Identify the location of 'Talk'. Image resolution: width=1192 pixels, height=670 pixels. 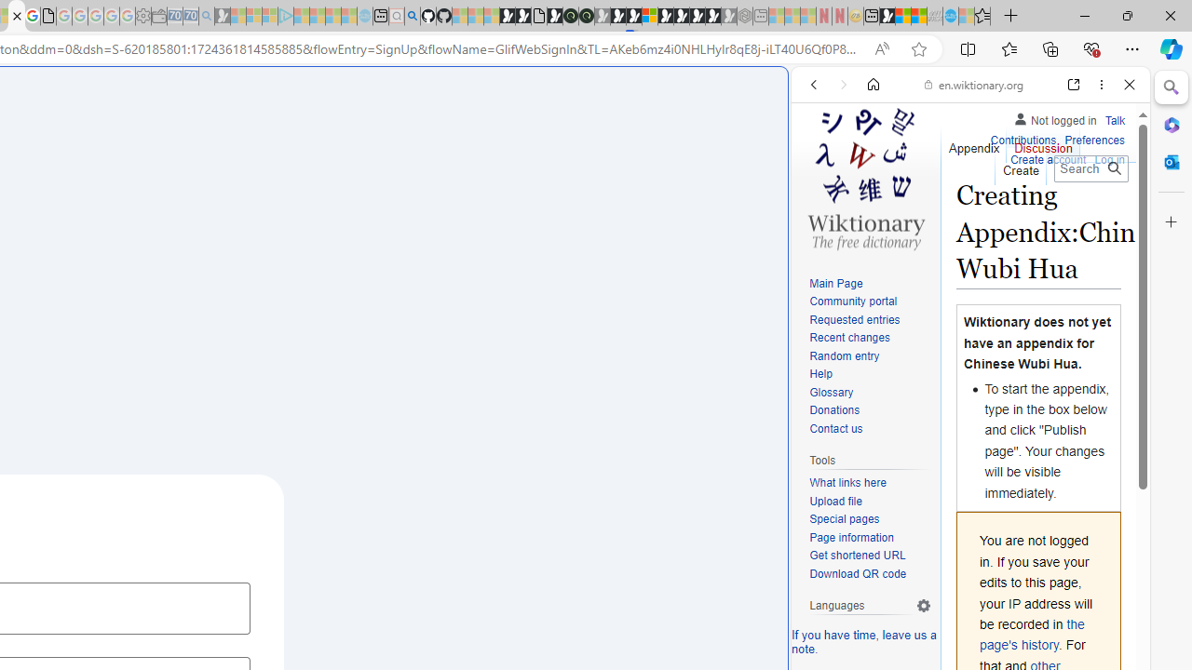
(1115, 117).